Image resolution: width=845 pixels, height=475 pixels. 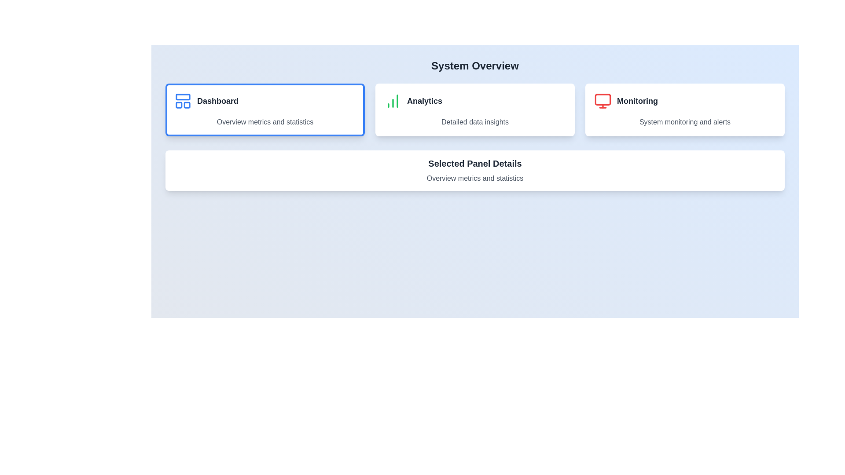 What do you see at coordinates (474, 122) in the screenshot?
I see `the descriptive text label located below the 'Analytics' header in the middle panel of the interface` at bounding box center [474, 122].